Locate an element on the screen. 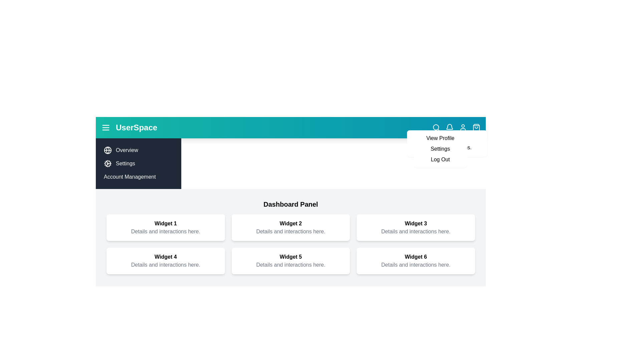 The height and width of the screenshot is (360, 641). the informational text block that reads 'Details and interactions here.' located below the bold title 'Widget 1' in the white card with rounded corners is located at coordinates (166, 231).